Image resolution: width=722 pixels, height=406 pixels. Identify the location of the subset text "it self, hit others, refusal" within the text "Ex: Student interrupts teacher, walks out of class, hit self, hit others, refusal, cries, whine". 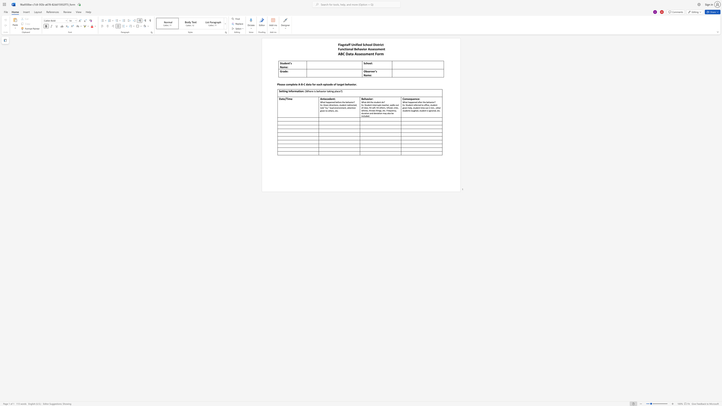
(370, 108).